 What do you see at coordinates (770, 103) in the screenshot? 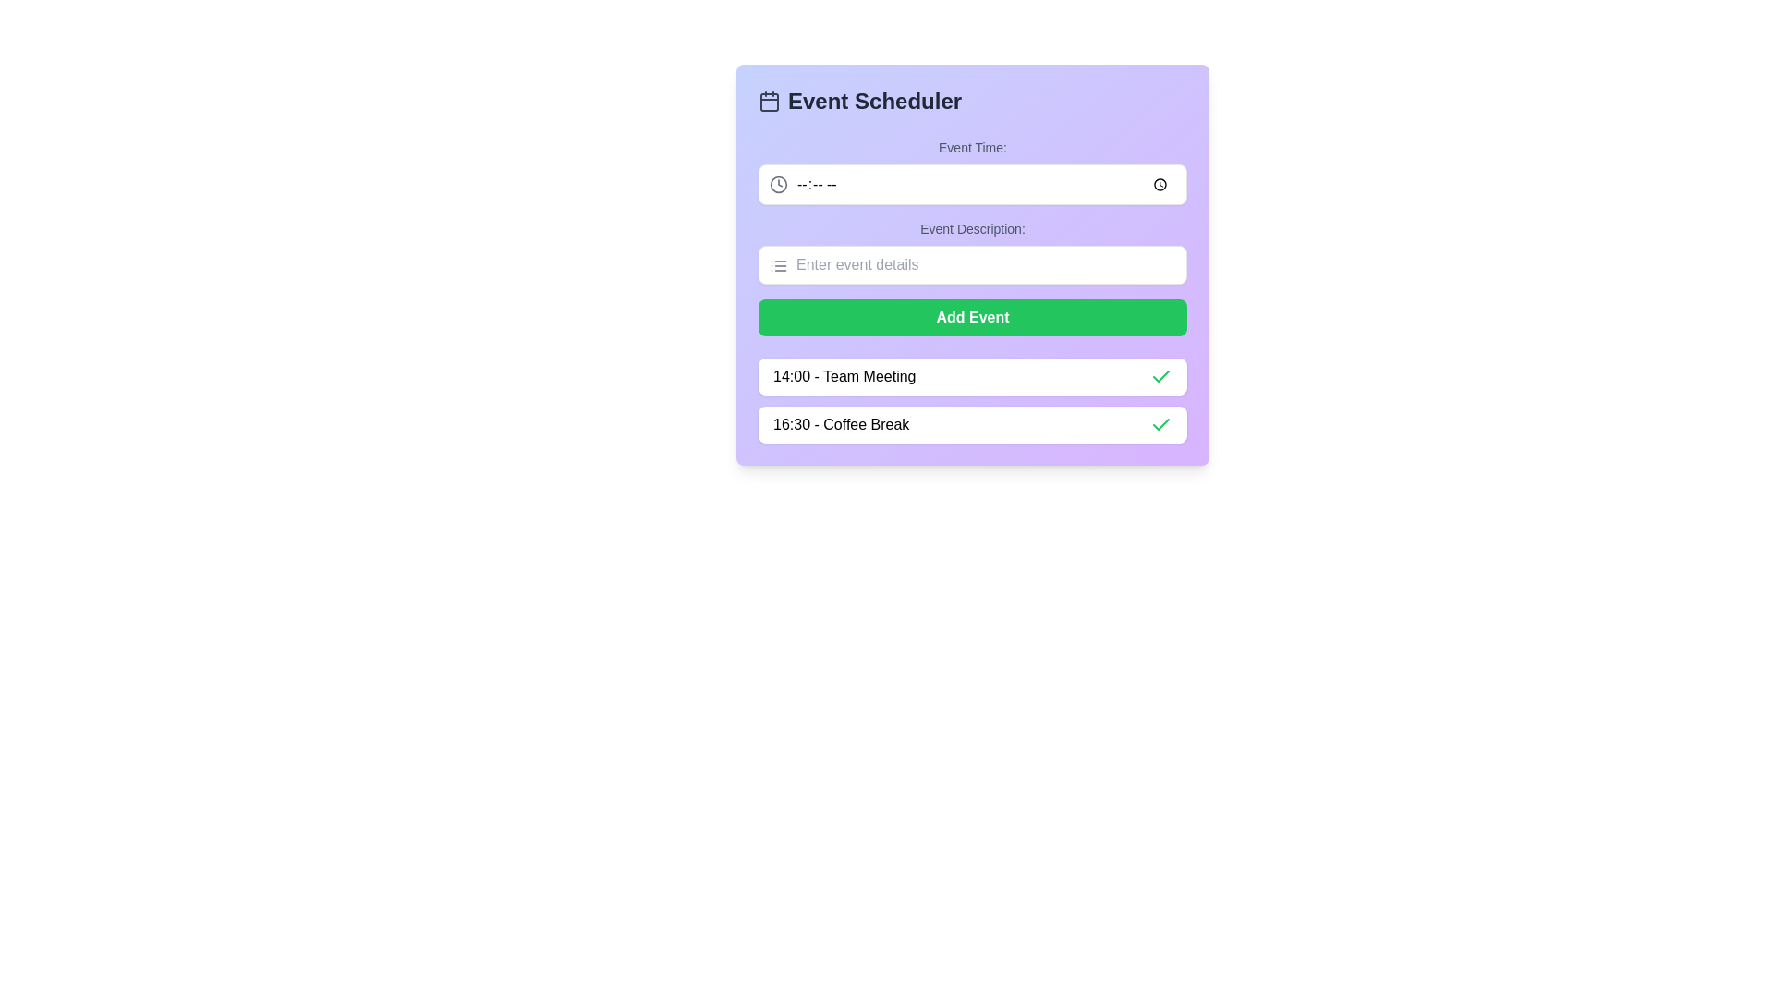
I see `the decorative or functional part of the calendar icon located in the top-left corner of the main form header, next to the 'Event Scheduler' text` at bounding box center [770, 103].